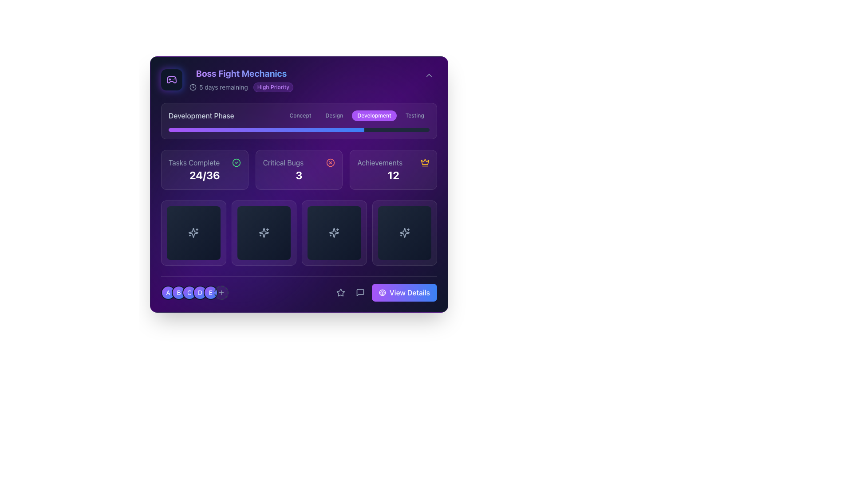 The image size is (852, 479). What do you see at coordinates (360, 292) in the screenshot?
I see `the light slate colored speech bubble icon button, which is the second interactive icon from the left among three icons in the bottom bar` at bounding box center [360, 292].